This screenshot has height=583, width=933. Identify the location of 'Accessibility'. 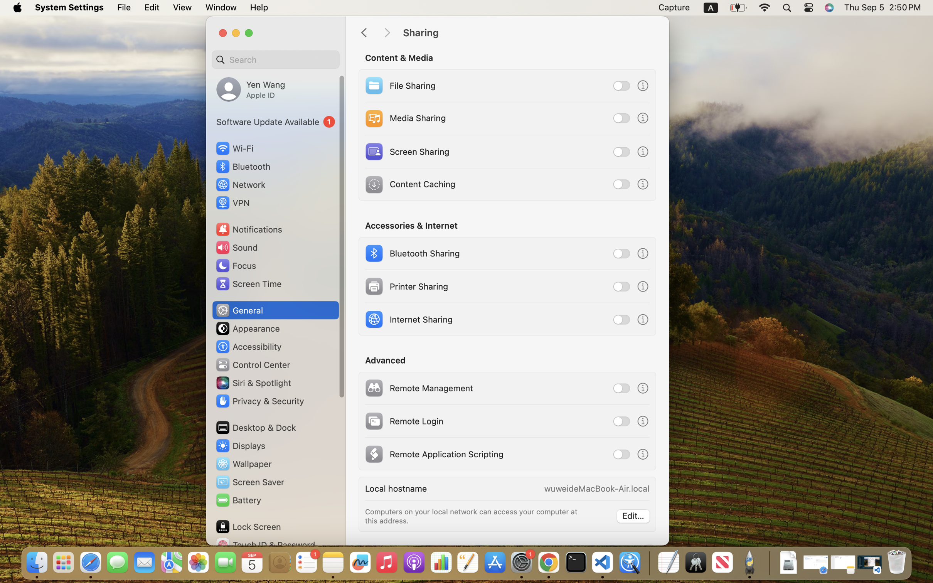
(248, 346).